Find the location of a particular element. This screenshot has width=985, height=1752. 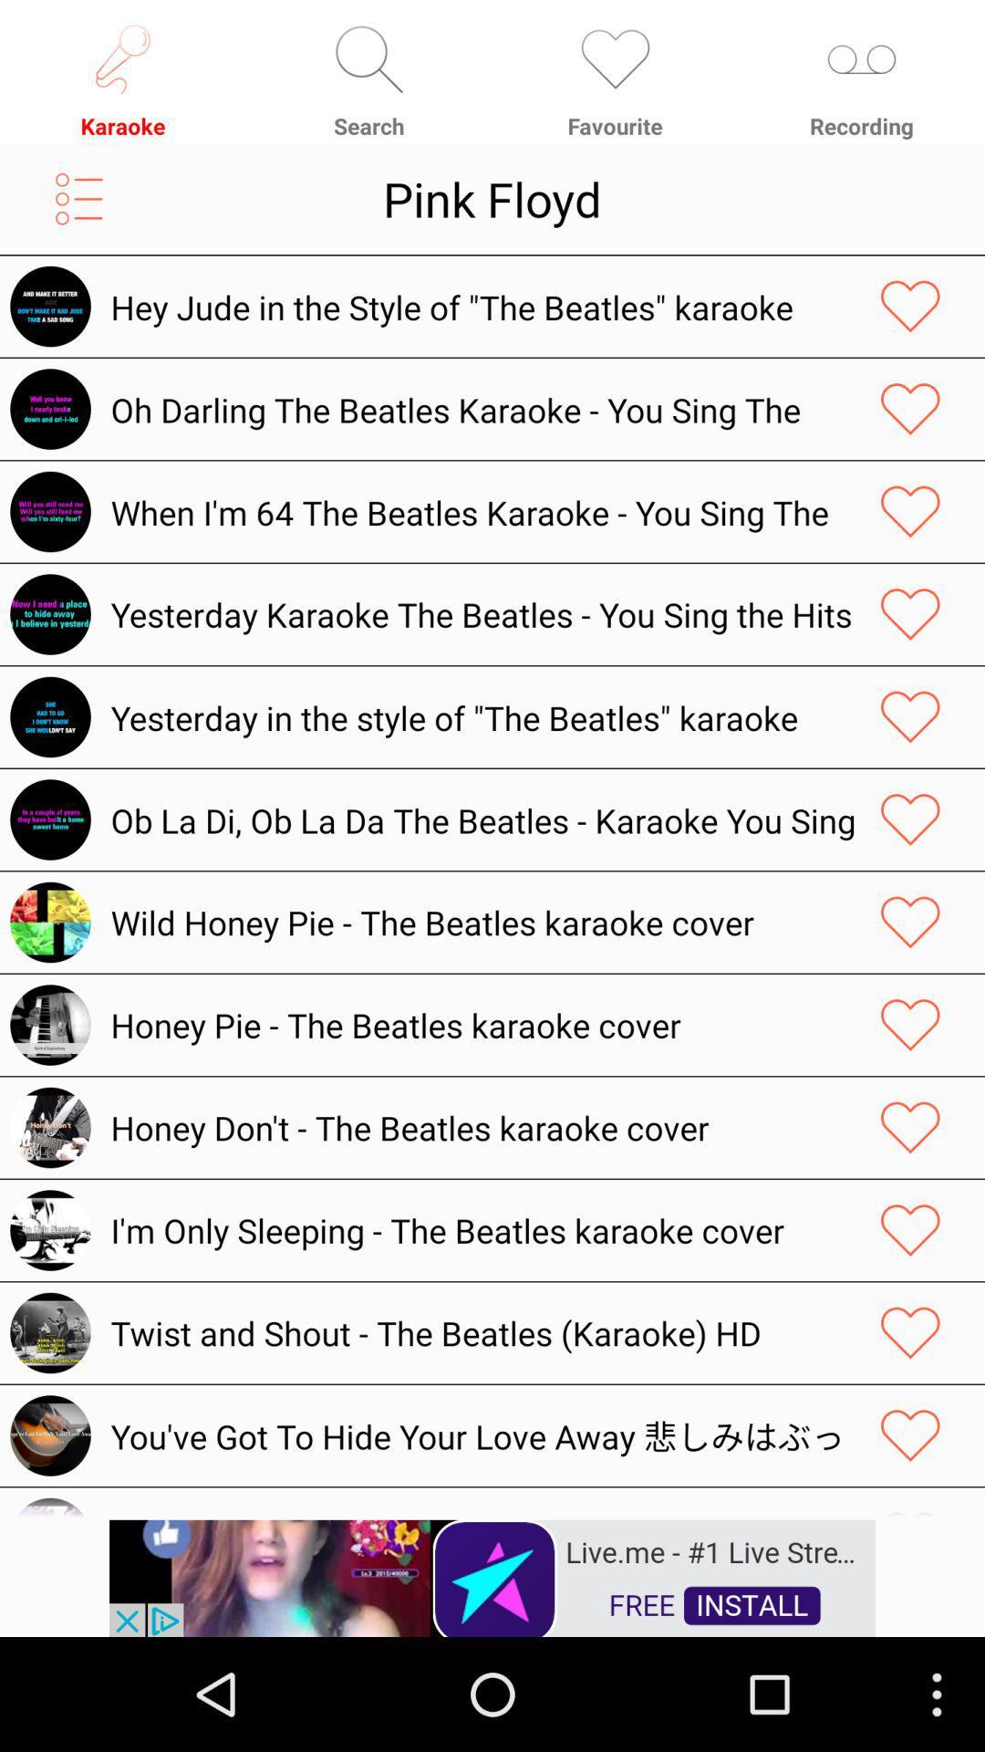

love is located at coordinates (910, 923).